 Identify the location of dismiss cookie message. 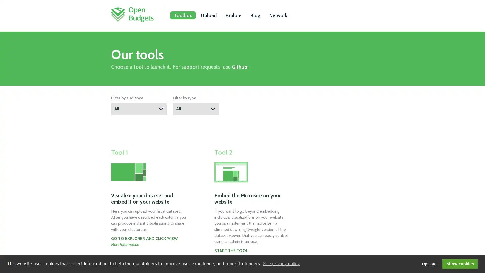
(460, 264).